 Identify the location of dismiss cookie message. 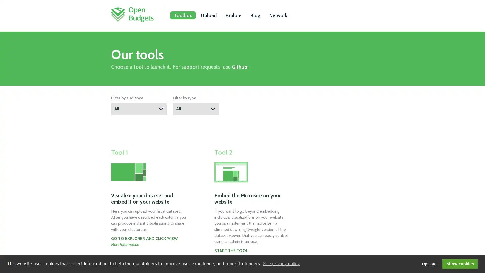
(460, 264).